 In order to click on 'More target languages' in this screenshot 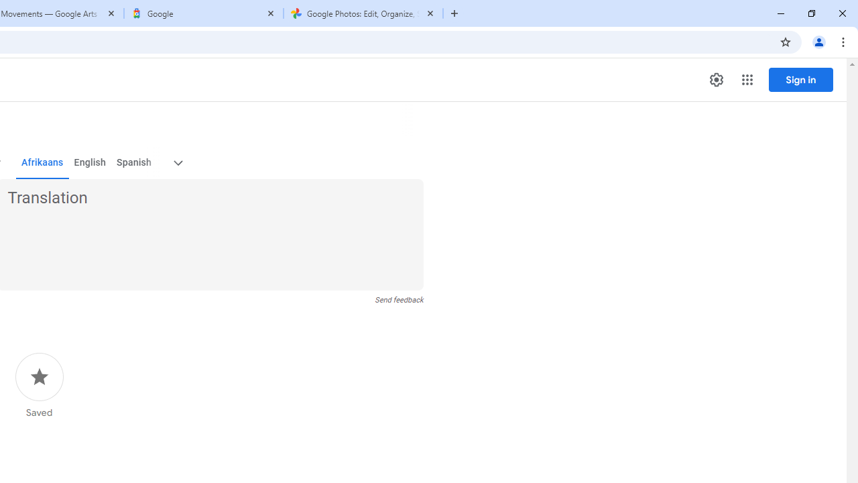, I will do `click(176, 162)`.